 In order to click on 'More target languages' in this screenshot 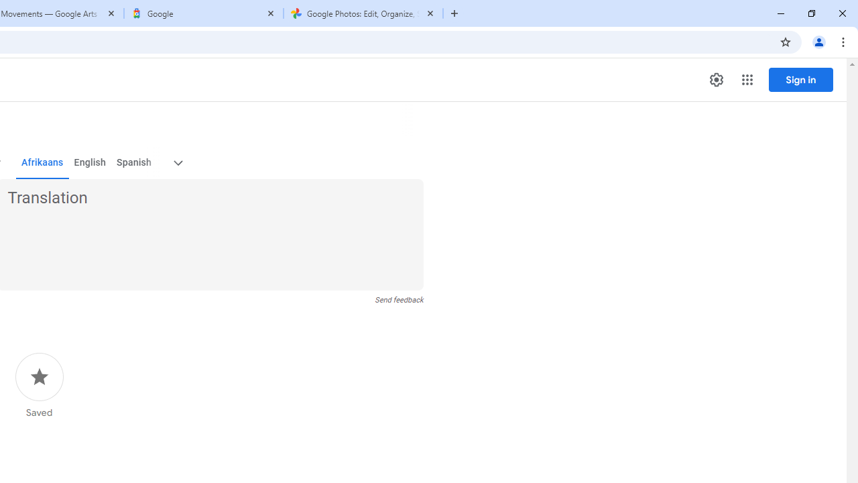, I will do `click(176, 162)`.